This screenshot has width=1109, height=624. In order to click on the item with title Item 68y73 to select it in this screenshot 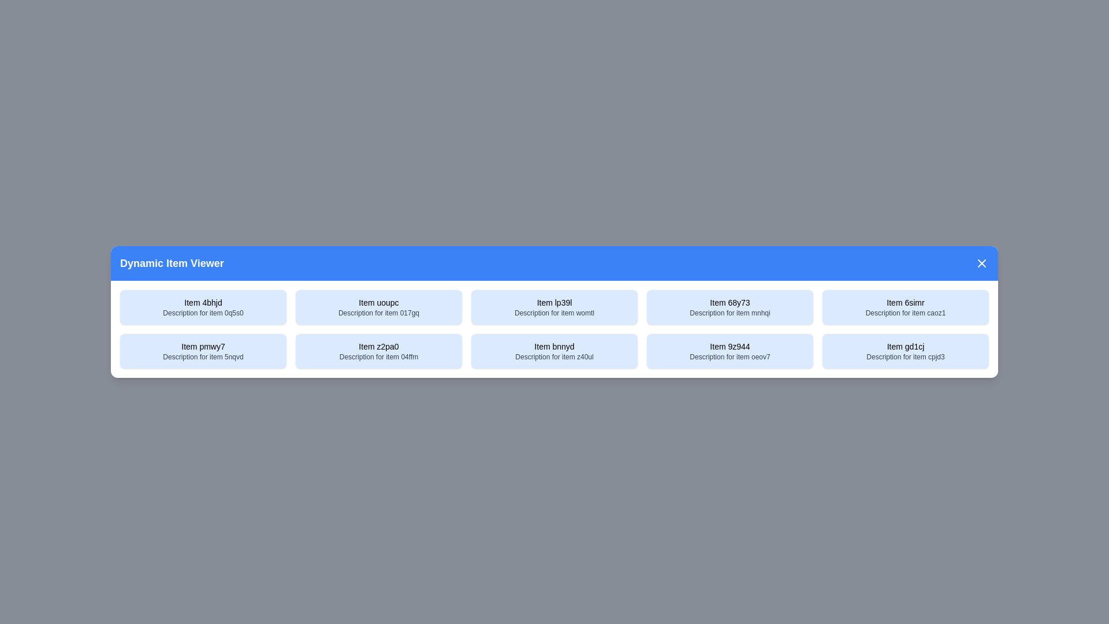, I will do `click(729, 307)`.